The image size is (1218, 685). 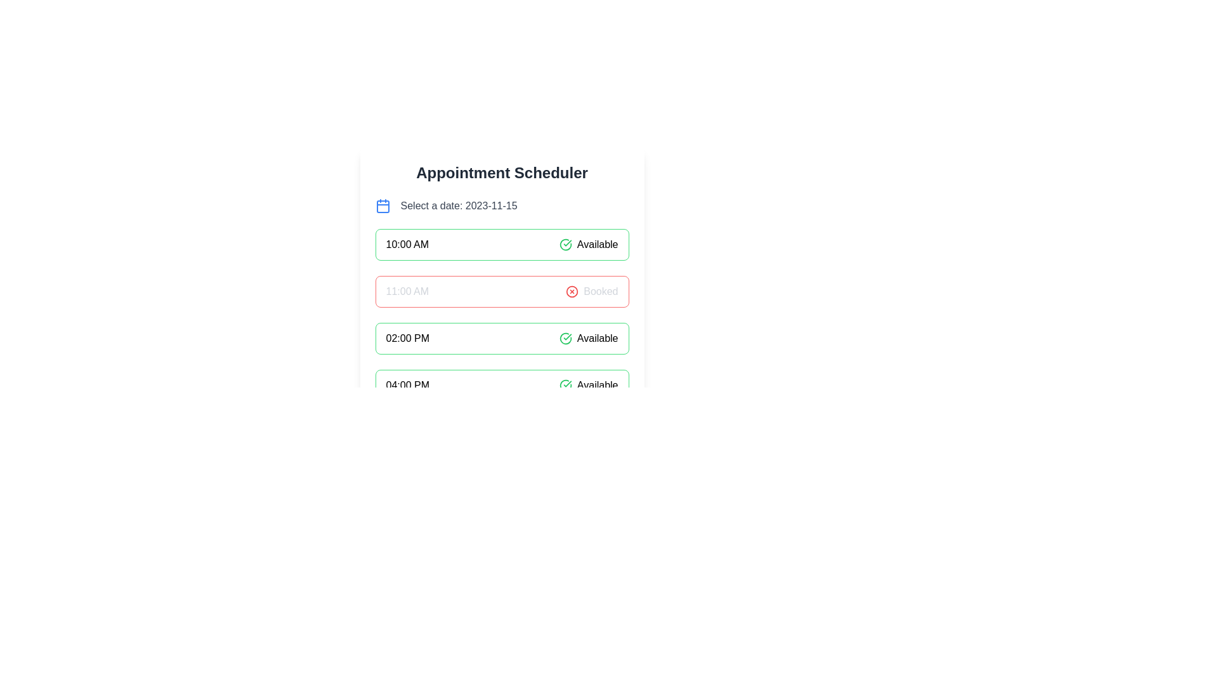 I want to click on the booked time slot indicator icon located in the '11:00 AM' row of the appointment scheduler interface, which visually represents unavailability, so click(x=572, y=291).